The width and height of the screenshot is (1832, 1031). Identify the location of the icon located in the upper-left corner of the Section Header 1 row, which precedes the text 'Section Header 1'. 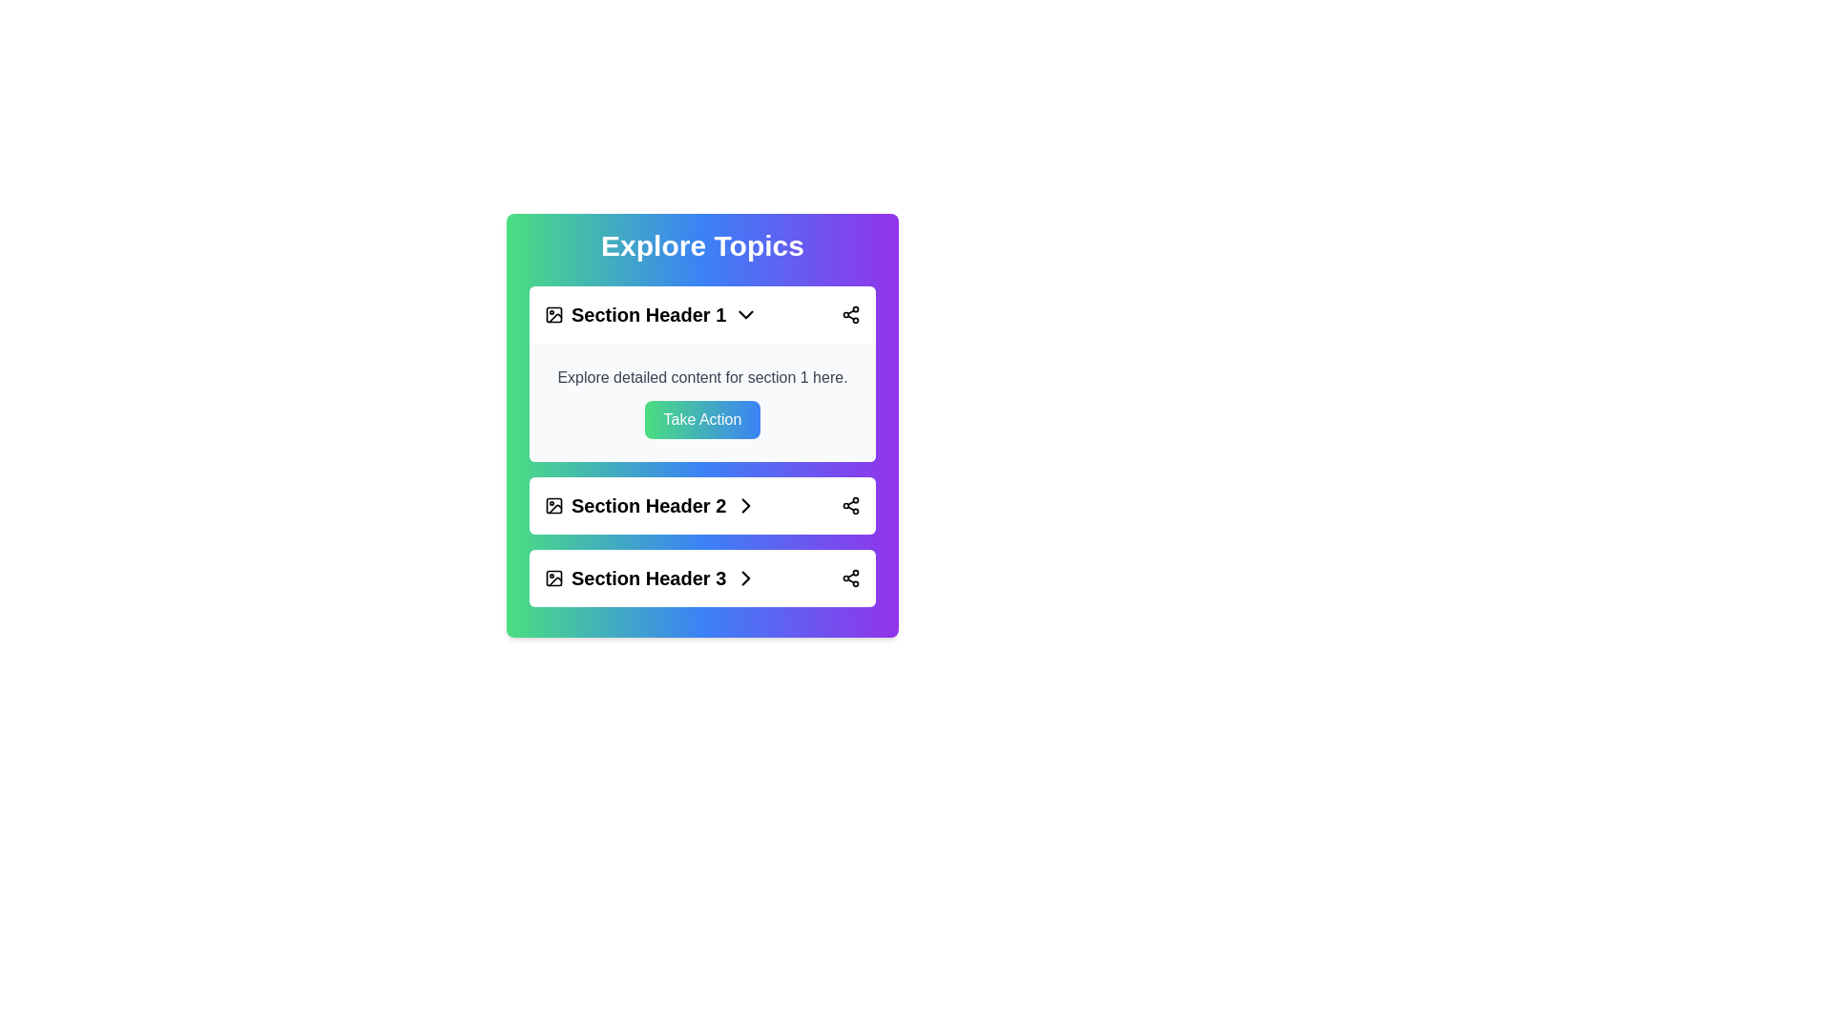
(552, 314).